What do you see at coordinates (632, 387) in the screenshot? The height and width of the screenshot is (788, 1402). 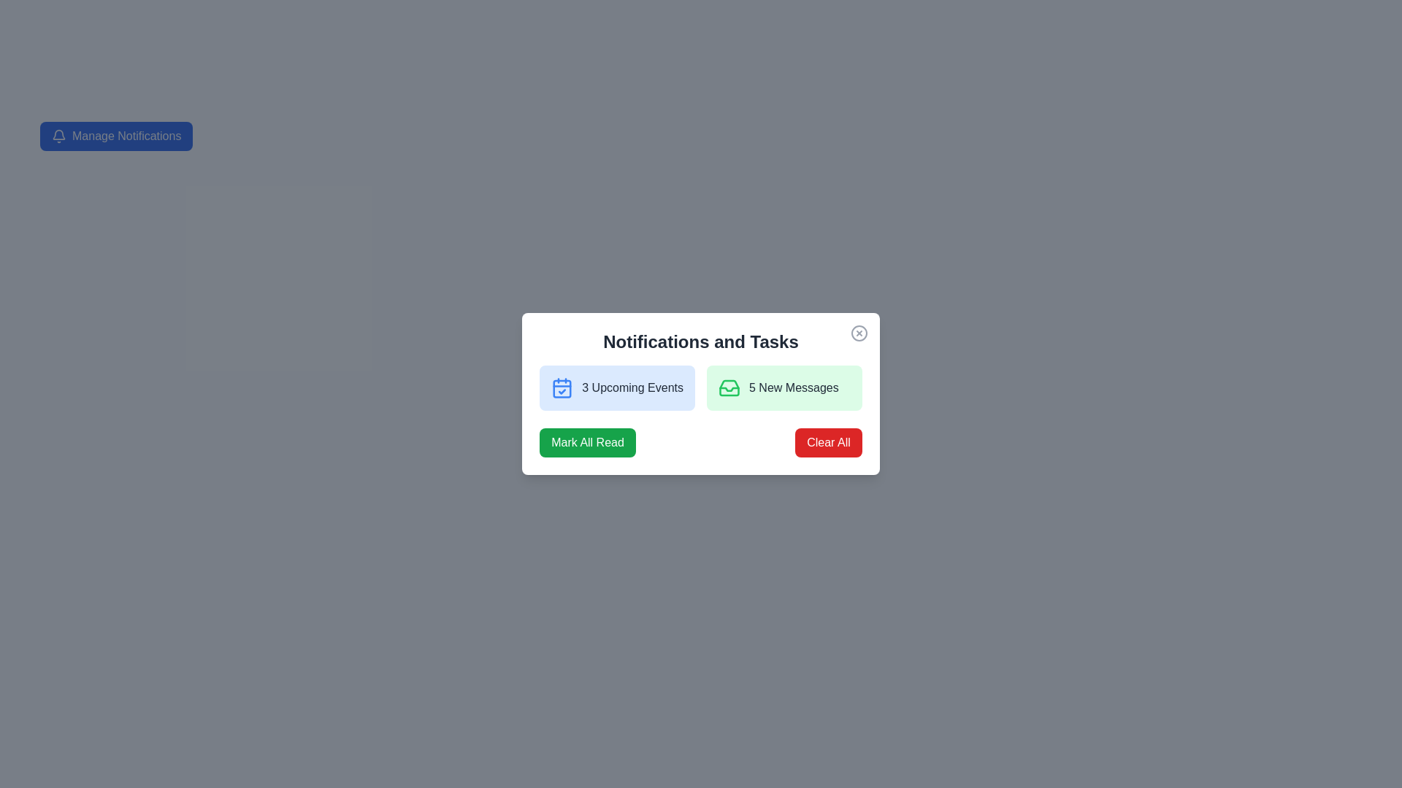 I see `the static text label displaying '3 Upcoming Events' which is located next to a blue calendar icon within a notification panel` at bounding box center [632, 387].